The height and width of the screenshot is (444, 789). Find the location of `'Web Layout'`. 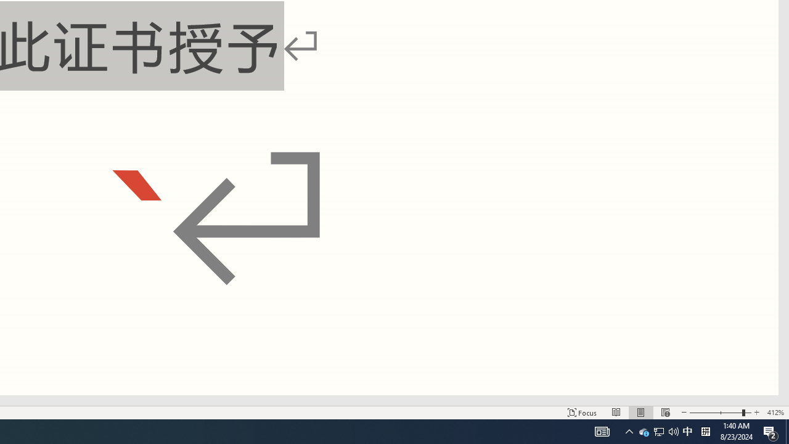

'Web Layout' is located at coordinates (664, 413).